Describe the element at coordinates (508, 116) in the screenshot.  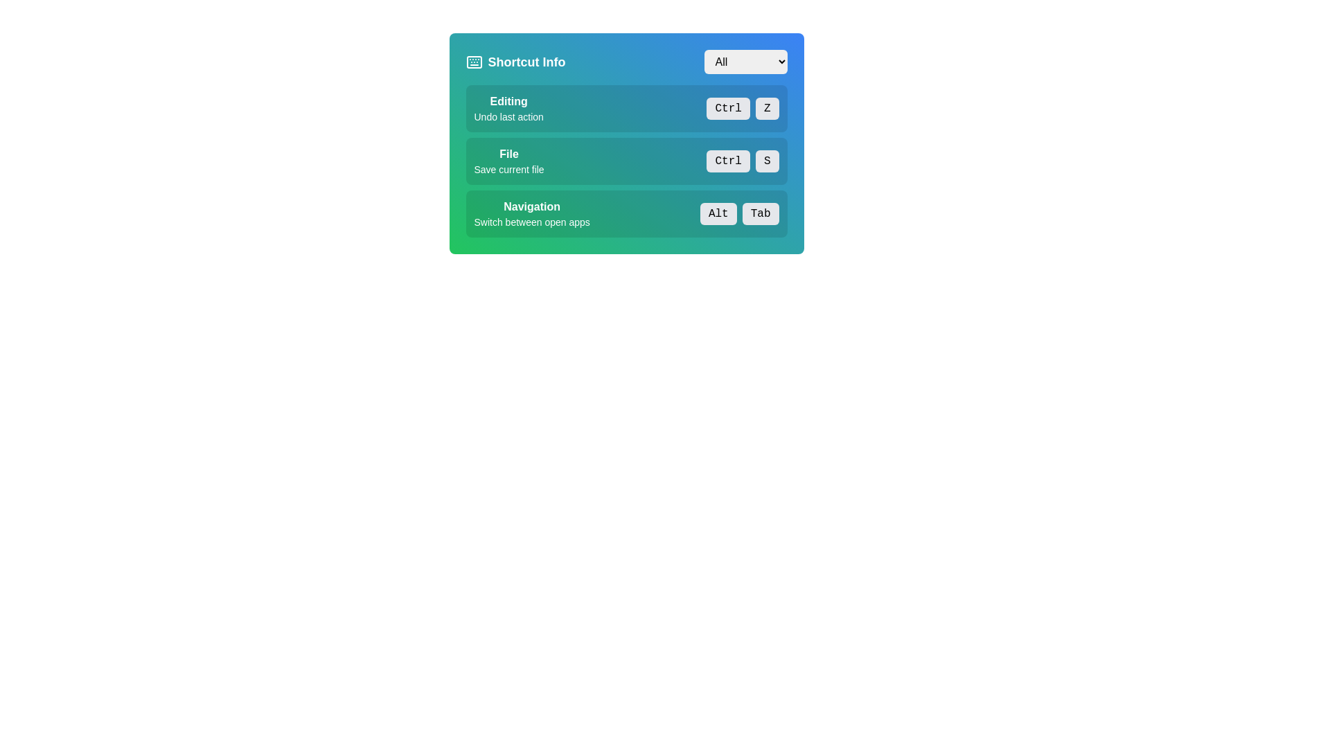
I see `the text label that describes the undo operation associated with the shortcut 'Ctrl+Z', located below the 'Editing' heading` at that location.